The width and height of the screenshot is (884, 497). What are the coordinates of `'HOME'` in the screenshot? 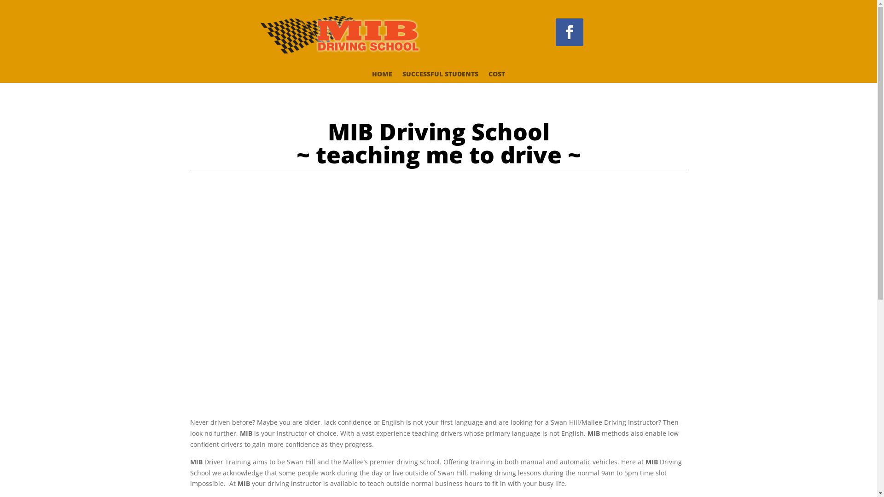 It's located at (382, 75).